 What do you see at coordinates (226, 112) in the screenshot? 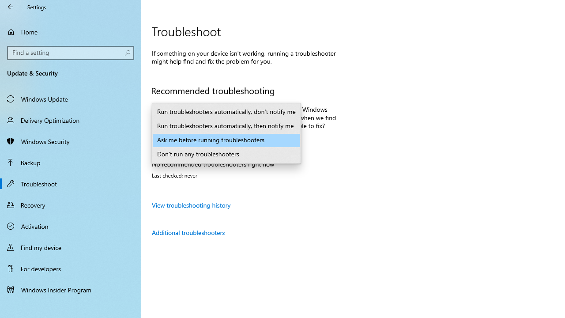
I see `'Run troubleshooters automatically, don'` at bounding box center [226, 112].